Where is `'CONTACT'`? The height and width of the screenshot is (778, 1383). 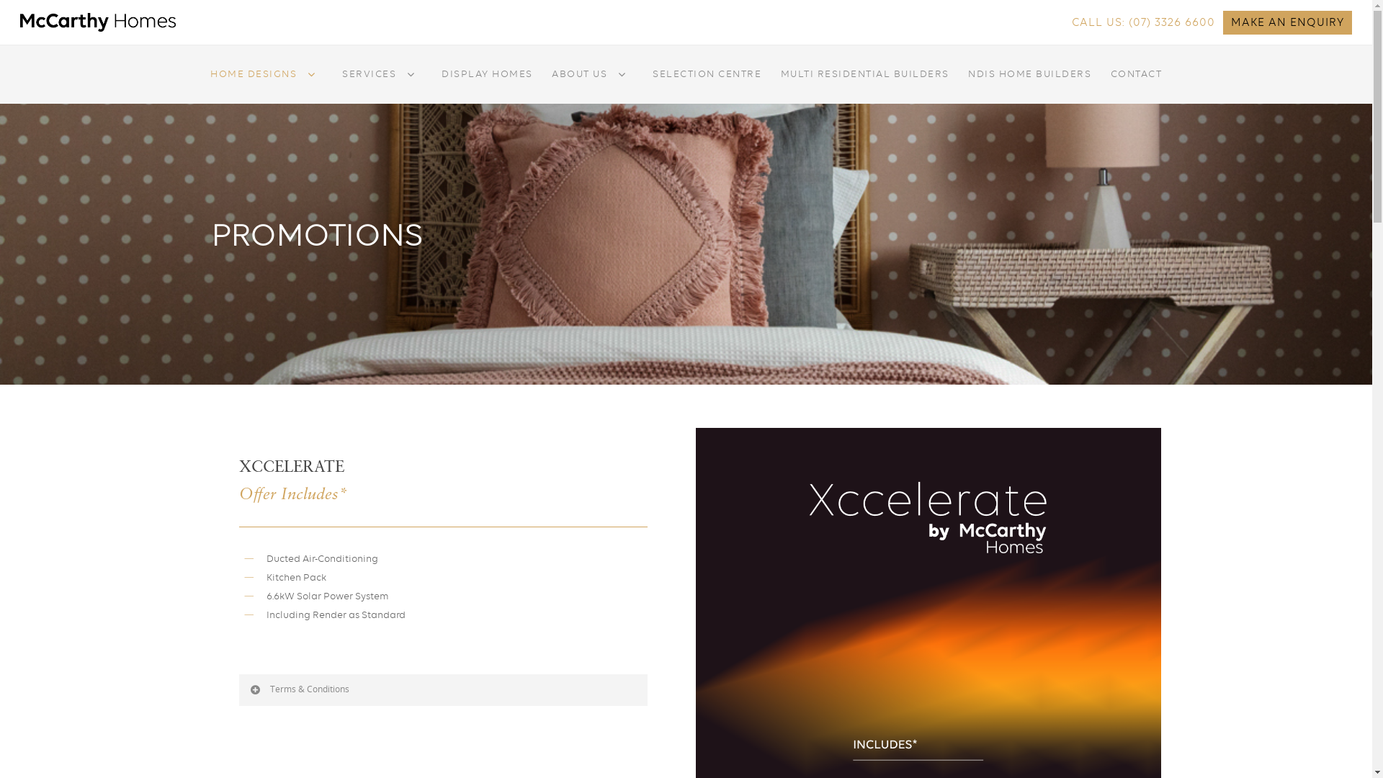 'CONTACT' is located at coordinates (1136, 84).